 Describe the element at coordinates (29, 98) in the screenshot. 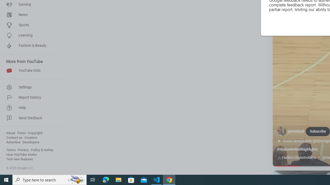

I see `'Report history'` at that location.